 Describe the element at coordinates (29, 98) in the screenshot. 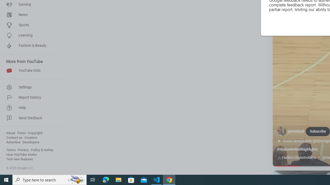

I see `'Report history'` at that location.